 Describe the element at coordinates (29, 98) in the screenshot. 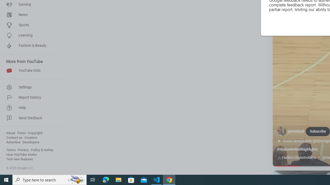

I see `'Report history'` at that location.